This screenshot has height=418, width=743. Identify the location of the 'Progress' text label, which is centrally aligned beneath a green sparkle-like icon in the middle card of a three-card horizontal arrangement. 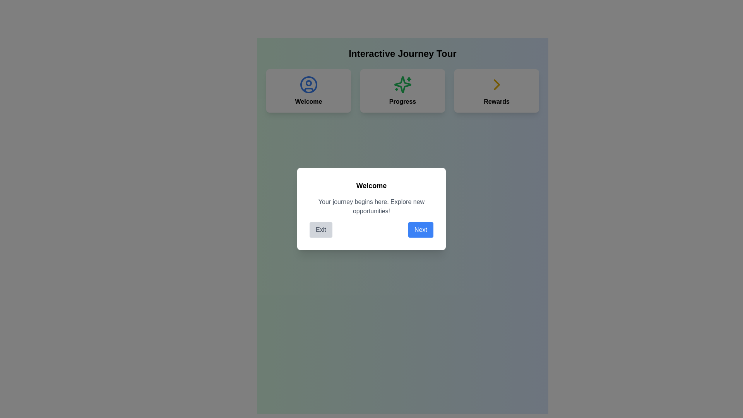
(402, 101).